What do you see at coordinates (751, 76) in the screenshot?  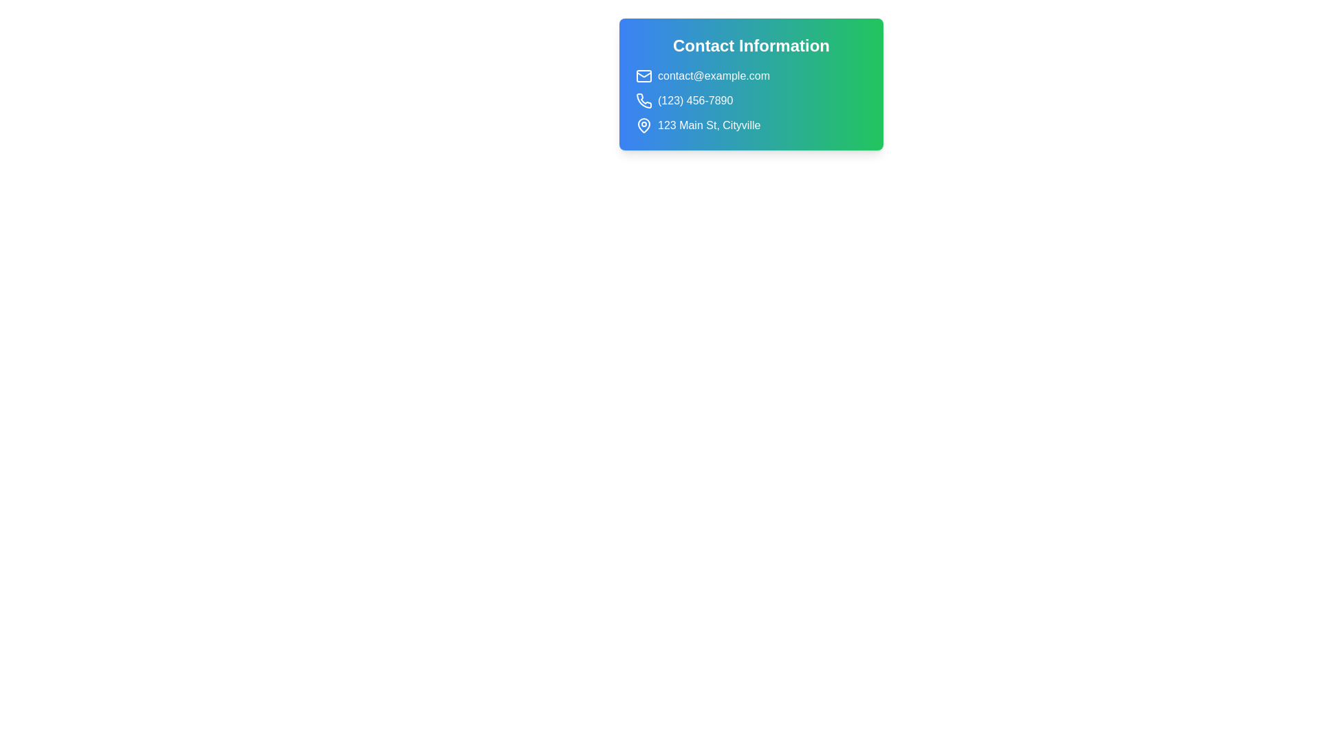 I see `the static email text element located in the topmost row of contact information to initiate email composition` at bounding box center [751, 76].